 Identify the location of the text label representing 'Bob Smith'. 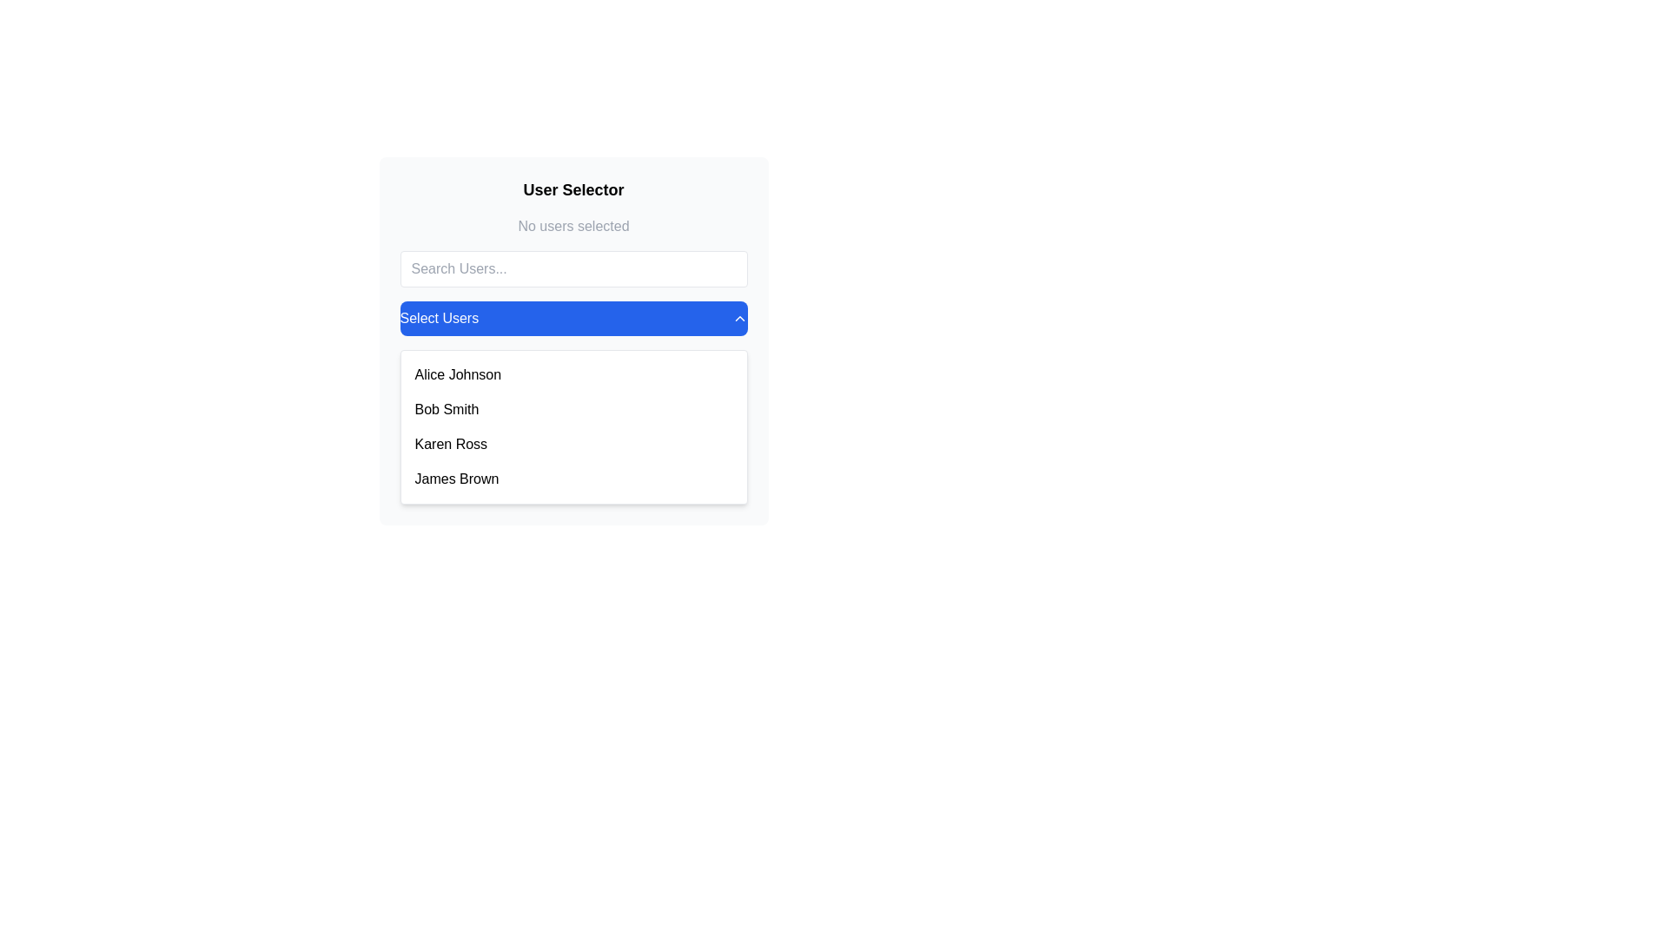
(447, 409).